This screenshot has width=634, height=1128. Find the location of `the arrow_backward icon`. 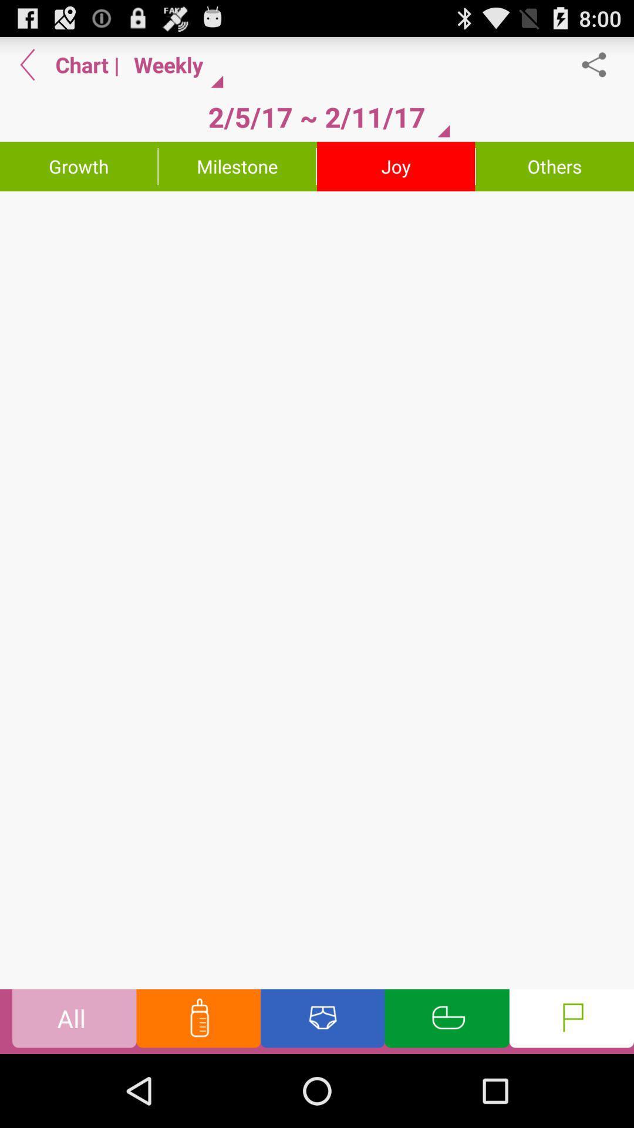

the arrow_backward icon is located at coordinates (27, 69).